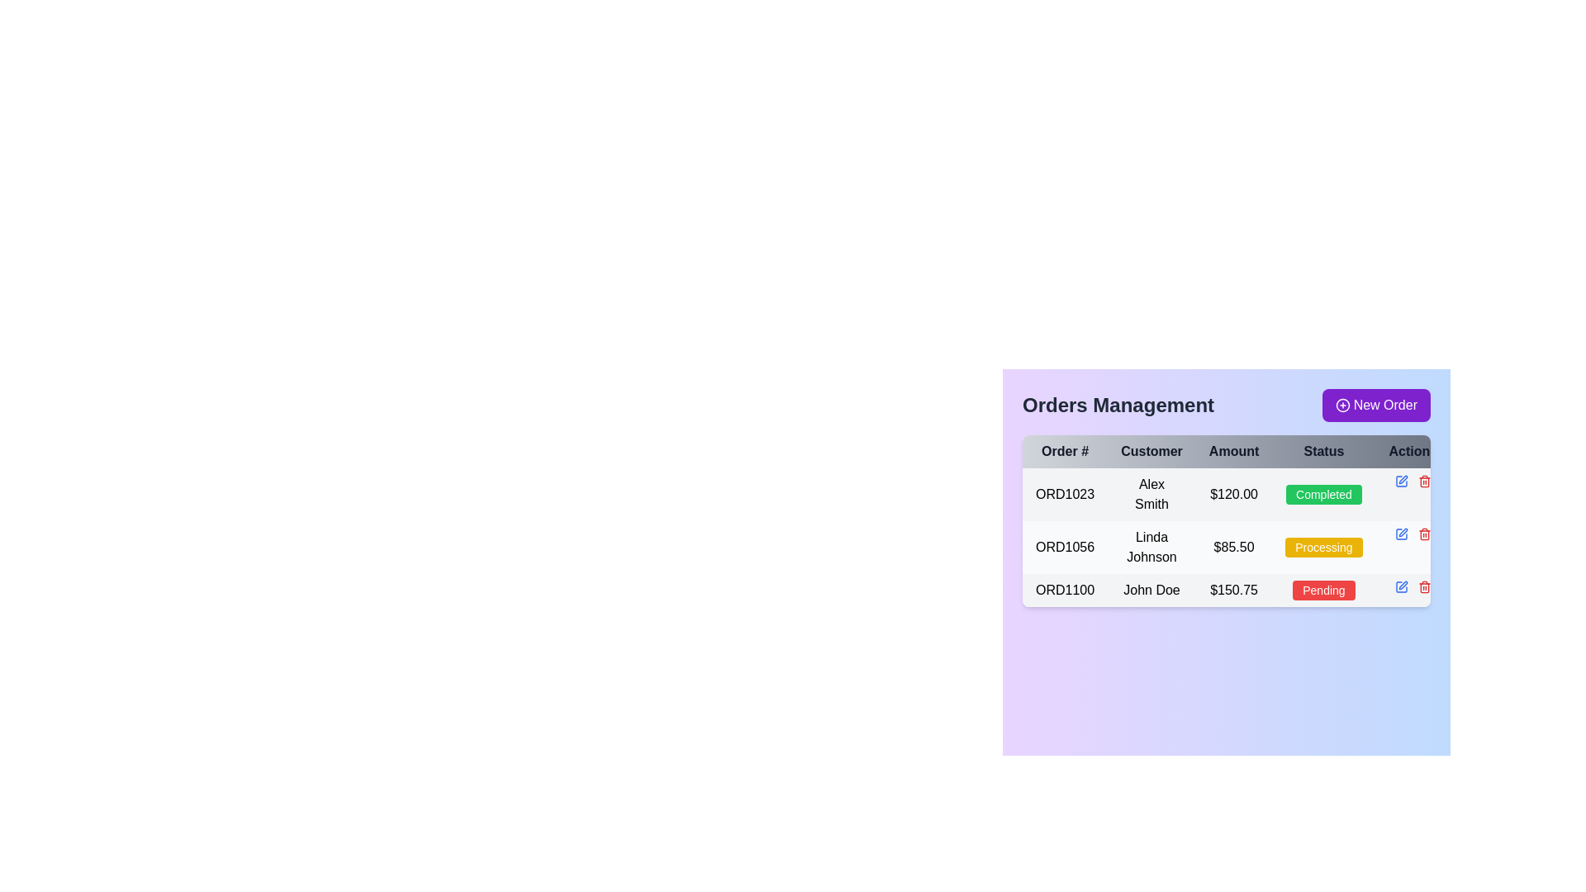 The width and height of the screenshot is (1586, 892). What do you see at coordinates (1411, 481) in the screenshot?
I see `the red trash can icon in the action column of the order ORD1023` at bounding box center [1411, 481].